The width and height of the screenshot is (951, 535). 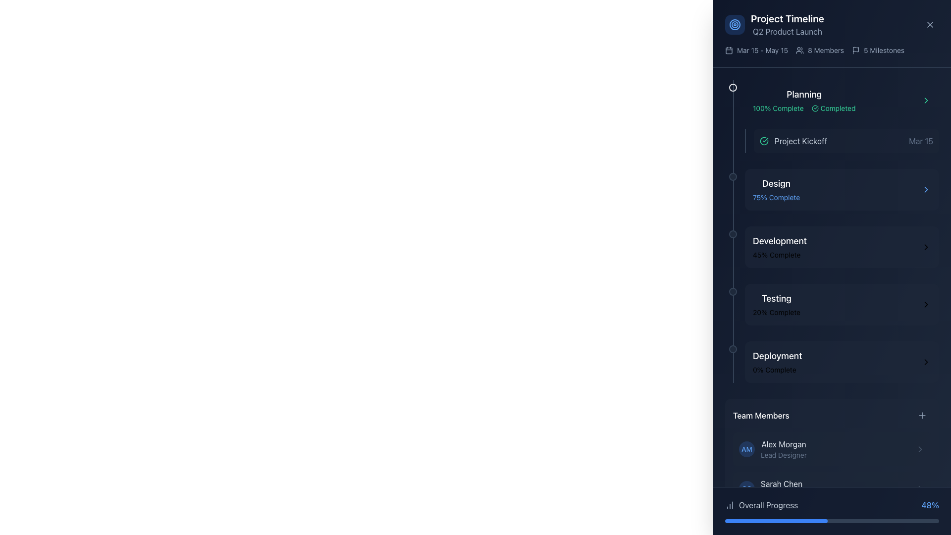 What do you see at coordinates (804, 108) in the screenshot?
I see `the milestone indicator showing '100% Complete Completed' with a checkmark icon, located beneath the 'Planning' header` at bounding box center [804, 108].